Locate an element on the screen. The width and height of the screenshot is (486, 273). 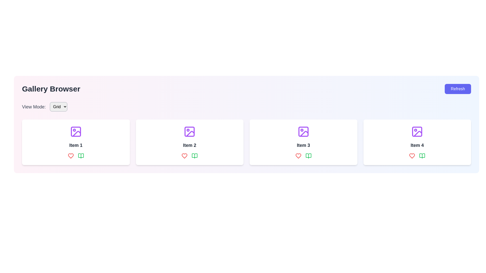
the static text label displaying 'Item 1' located beneath the purple image icon in the first card is located at coordinates (75, 145).